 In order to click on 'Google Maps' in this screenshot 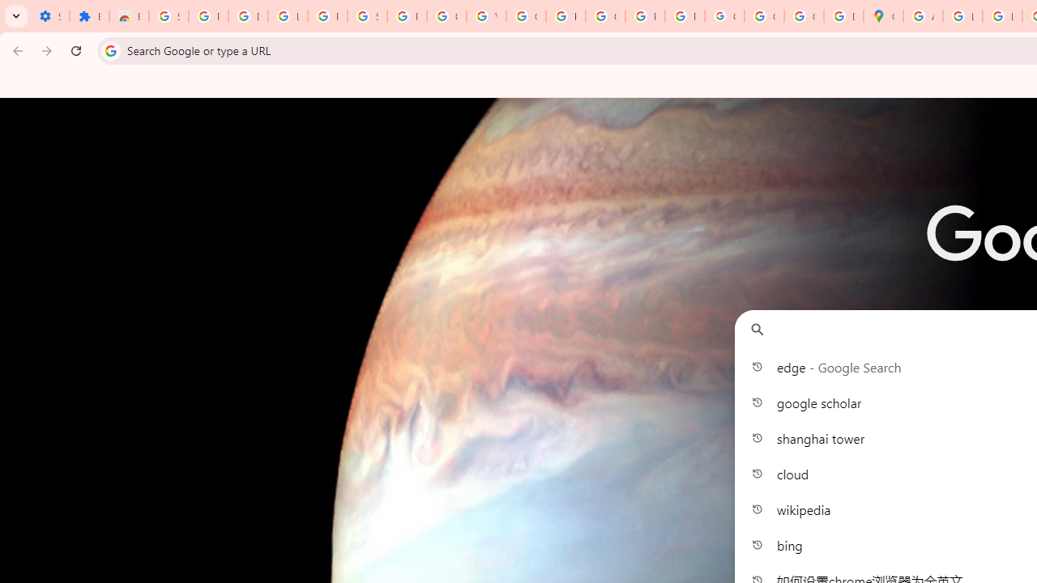, I will do `click(882, 16)`.